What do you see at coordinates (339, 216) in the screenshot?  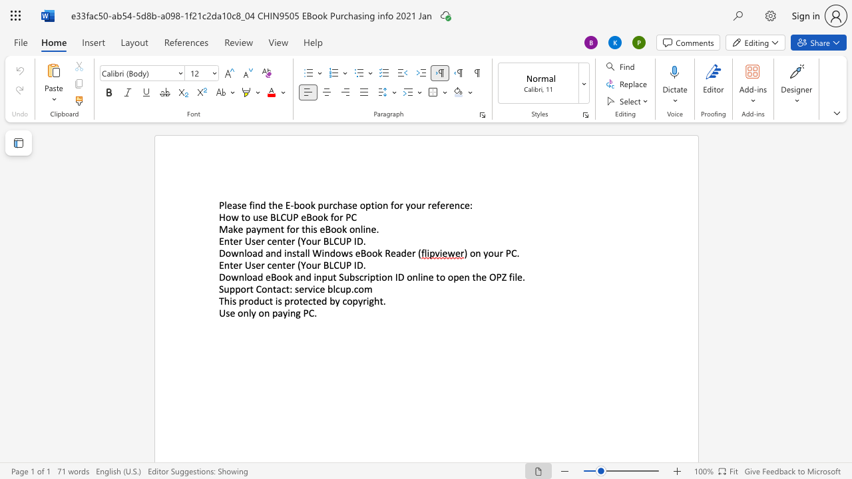 I see `the subset text "r P" within the text "How to use BLCUP eBook for PC"` at bounding box center [339, 216].